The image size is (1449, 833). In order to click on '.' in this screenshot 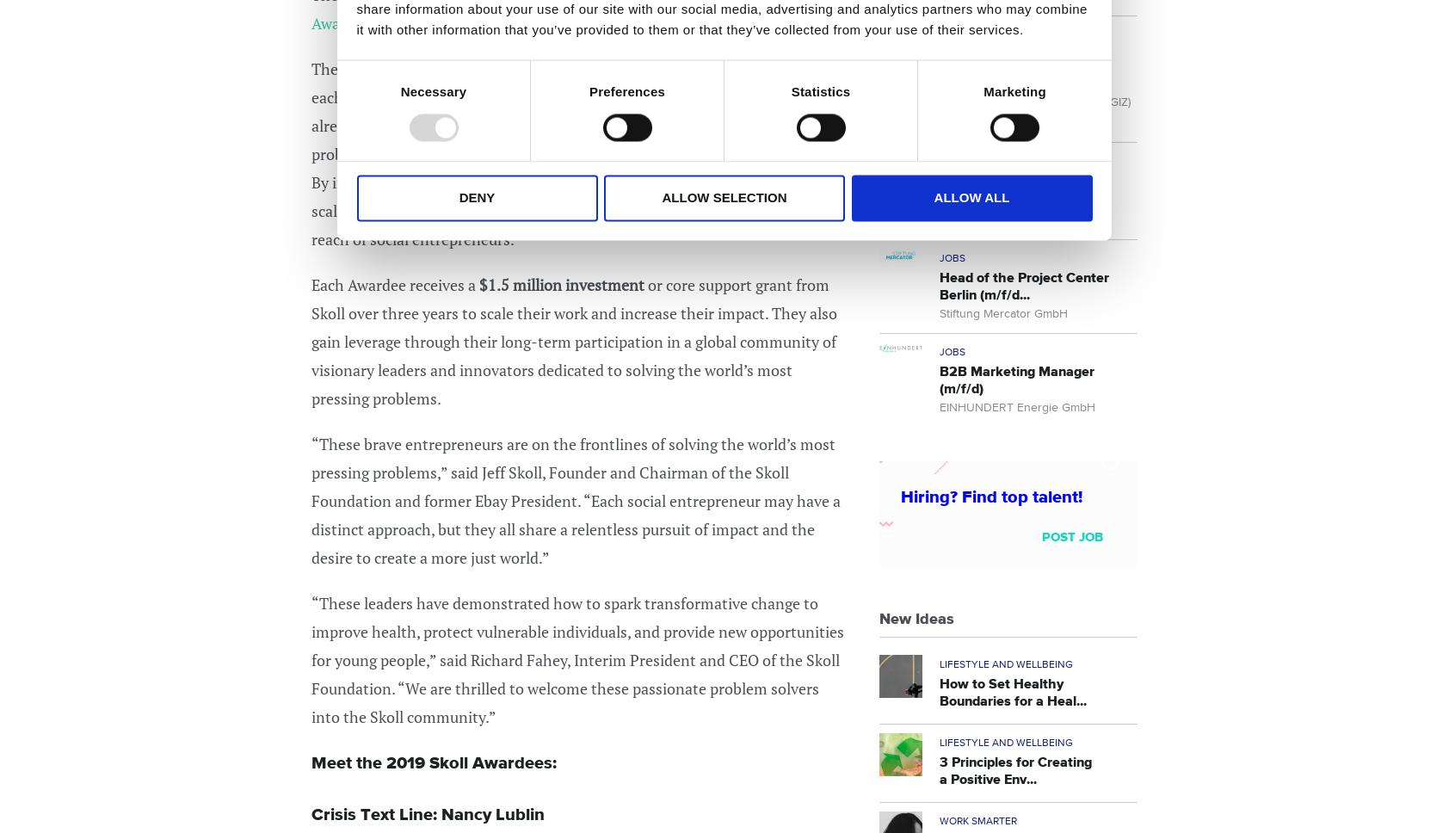, I will do `click(555, 22)`.